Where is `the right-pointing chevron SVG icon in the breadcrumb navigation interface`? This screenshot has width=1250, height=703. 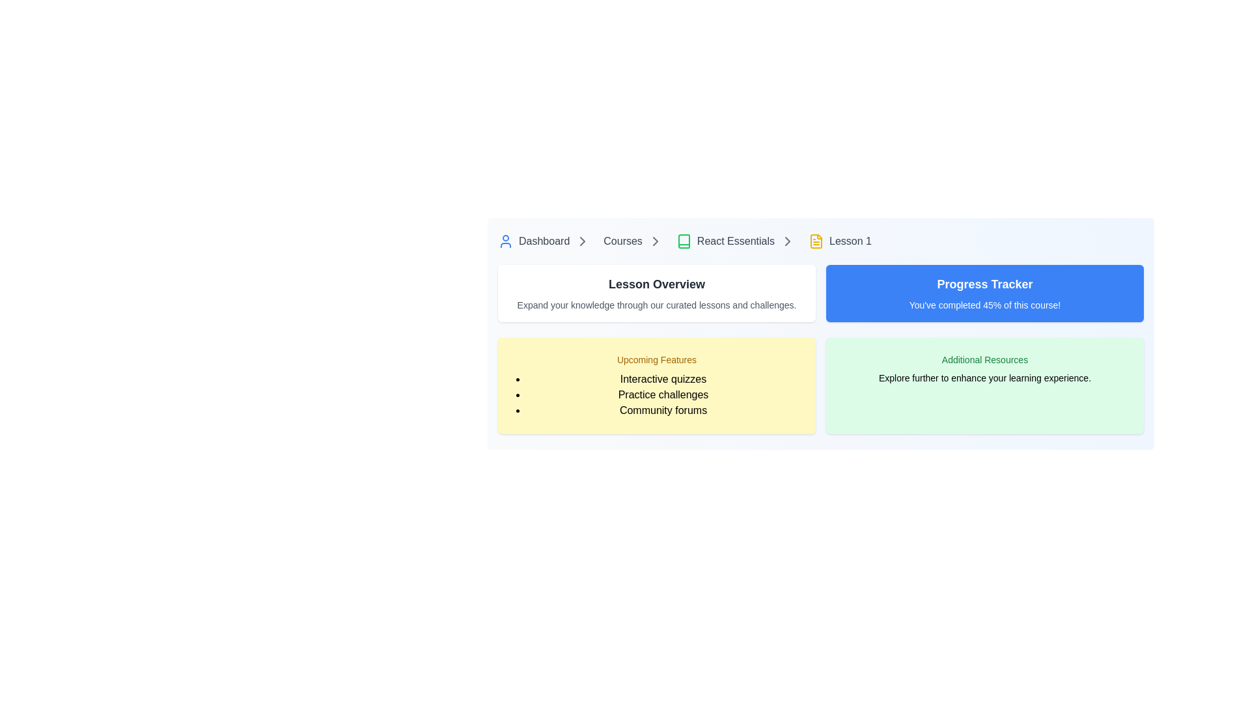 the right-pointing chevron SVG icon in the breadcrumb navigation interface is located at coordinates (582, 241).